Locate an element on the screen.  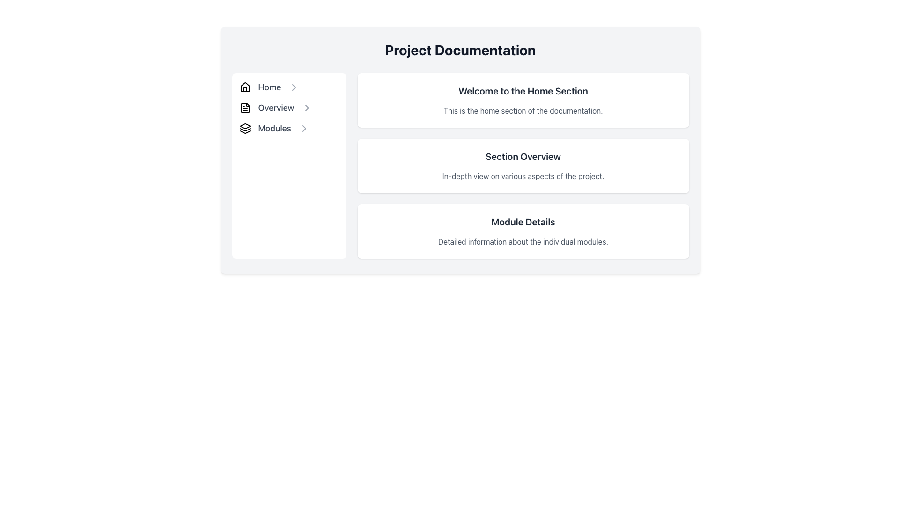
the chevron icon located immediately to the right of the 'Home' text is located at coordinates (294, 87).